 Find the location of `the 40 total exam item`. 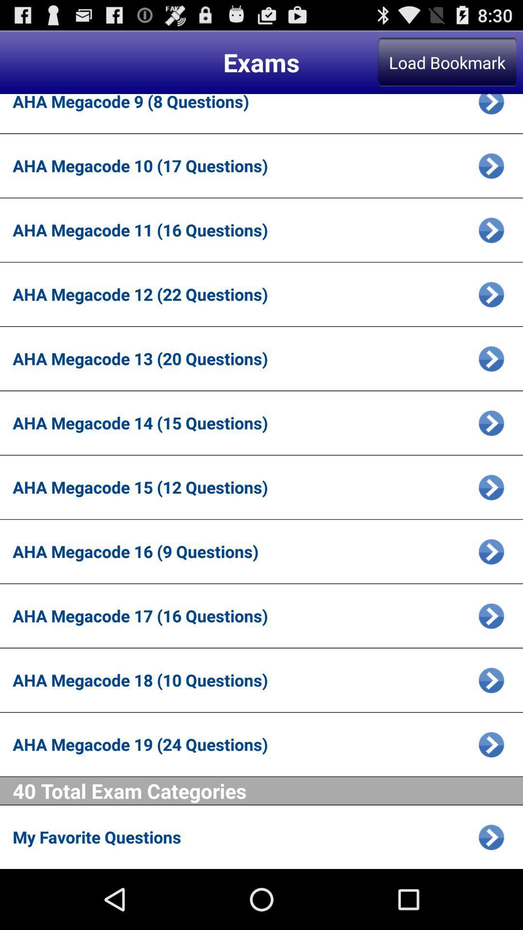

the 40 total exam item is located at coordinates (268, 790).